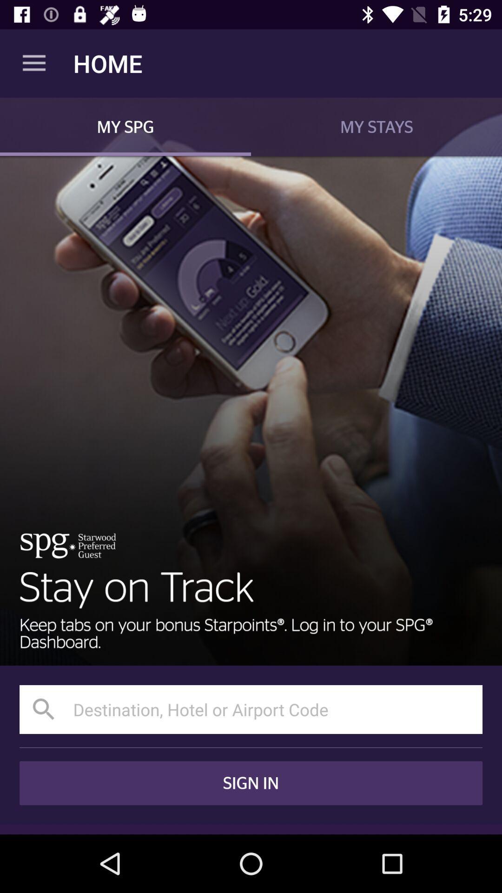  Describe the element at coordinates (376, 126) in the screenshot. I see `the icon at the top right corner` at that location.